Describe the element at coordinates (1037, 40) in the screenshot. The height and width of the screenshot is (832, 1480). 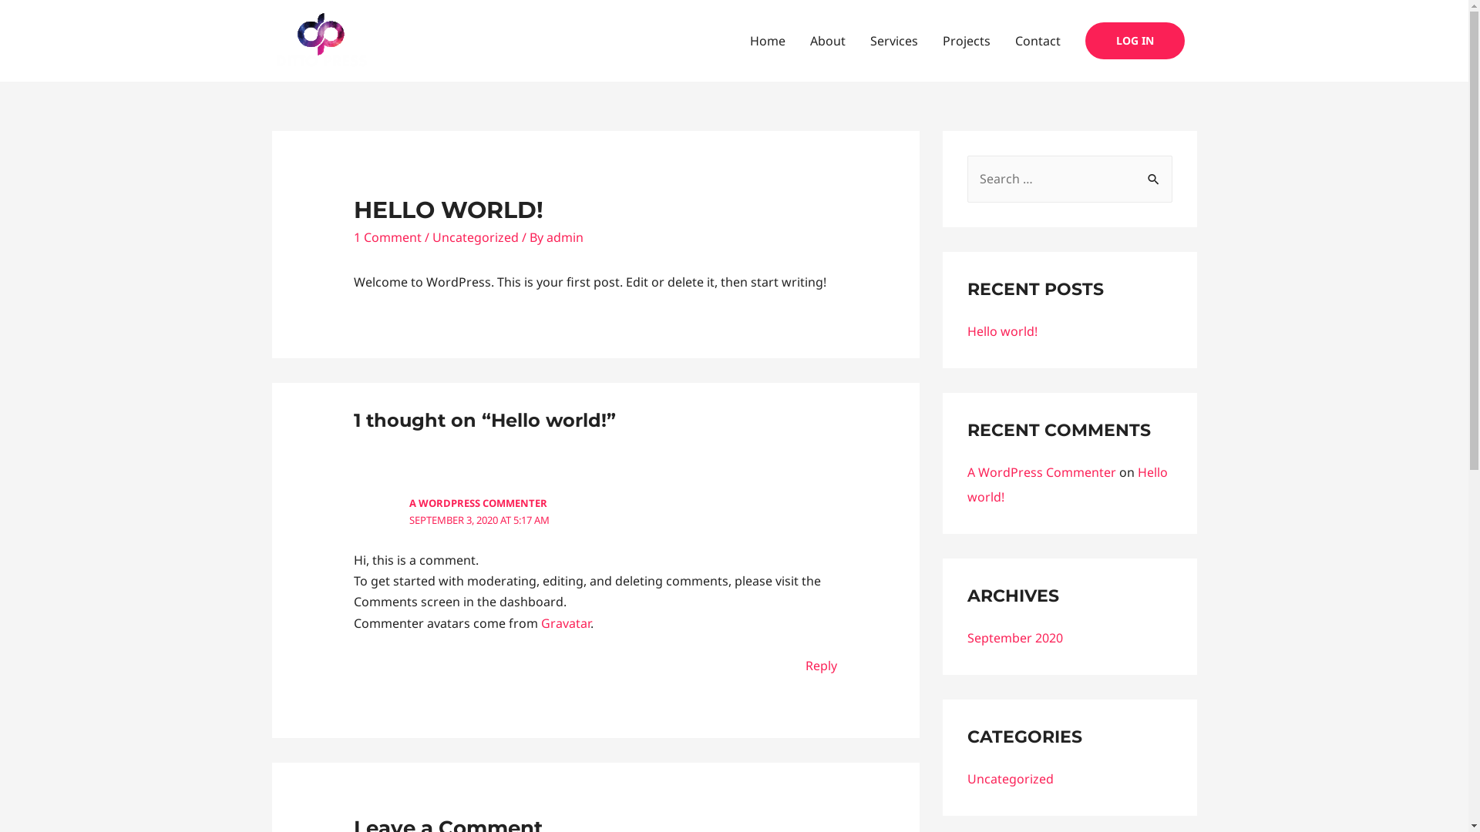
I see `'Contact'` at that location.